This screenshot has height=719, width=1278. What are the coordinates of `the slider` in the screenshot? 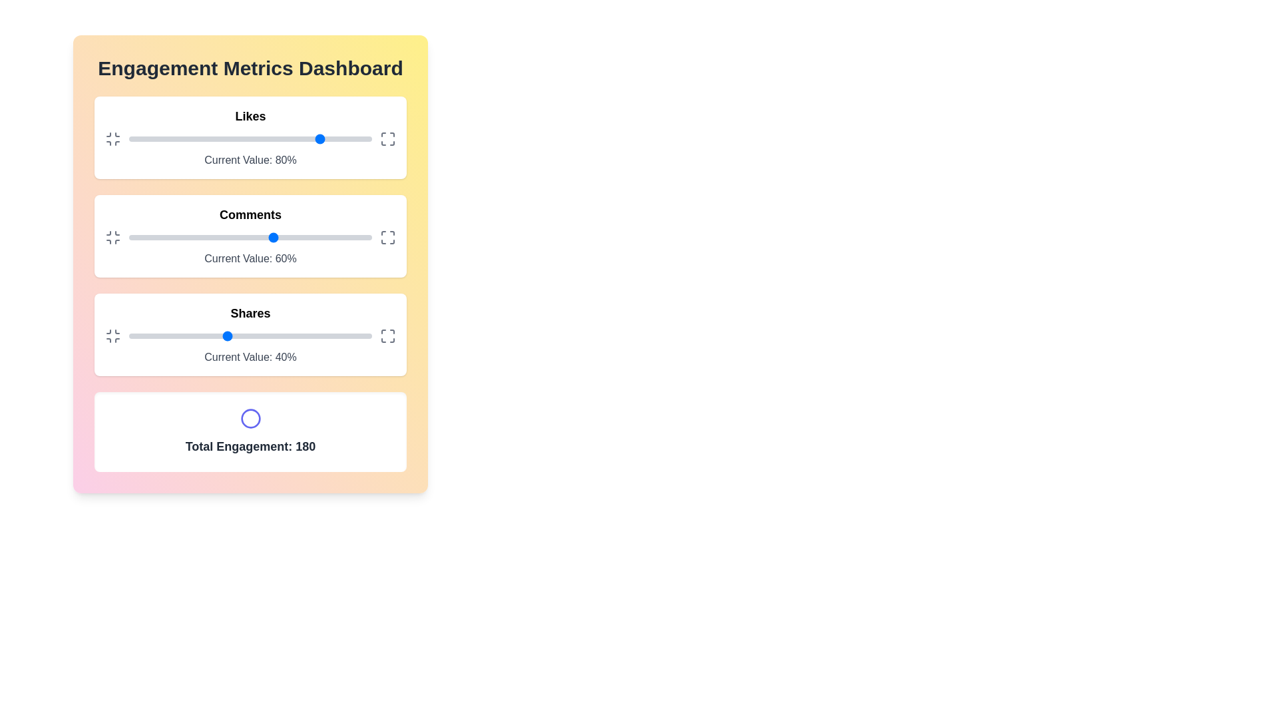 It's located at (201, 138).